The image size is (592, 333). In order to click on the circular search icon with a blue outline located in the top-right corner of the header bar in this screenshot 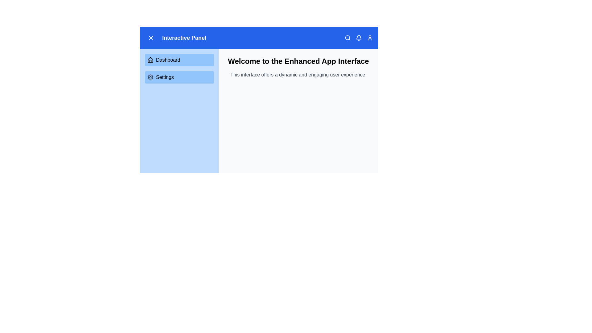, I will do `click(347, 38)`.